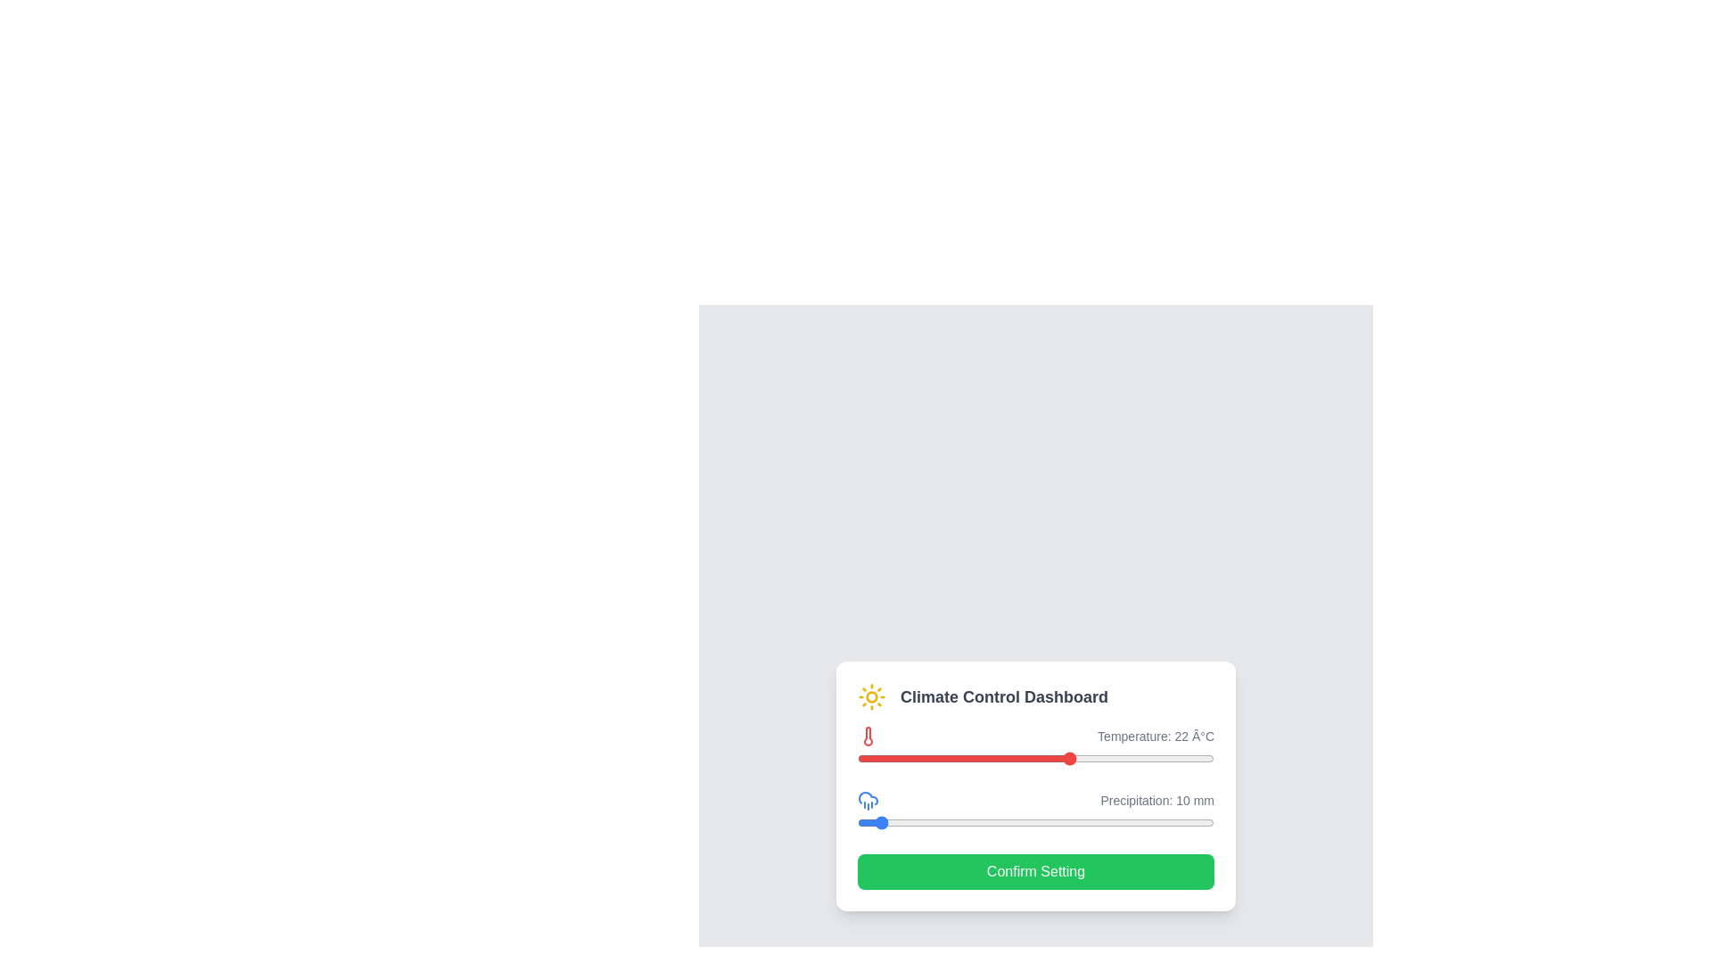 The height and width of the screenshot is (963, 1712). Describe the element at coordinates (1137, 759) in the screenshot. I see `the temperature slider to 35°C` at that location.